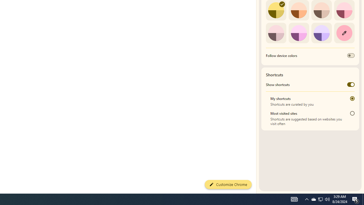  What do you see at coordinates (321, 10) in the screenshot?
I see `'Apricot'` at bounding box center [321, 10].